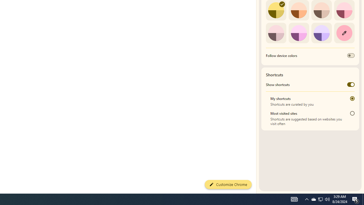  What do you see at coordinates (321, 10) in the screenshot?
I see `'Apricot'` at bounding box center [321, 10].